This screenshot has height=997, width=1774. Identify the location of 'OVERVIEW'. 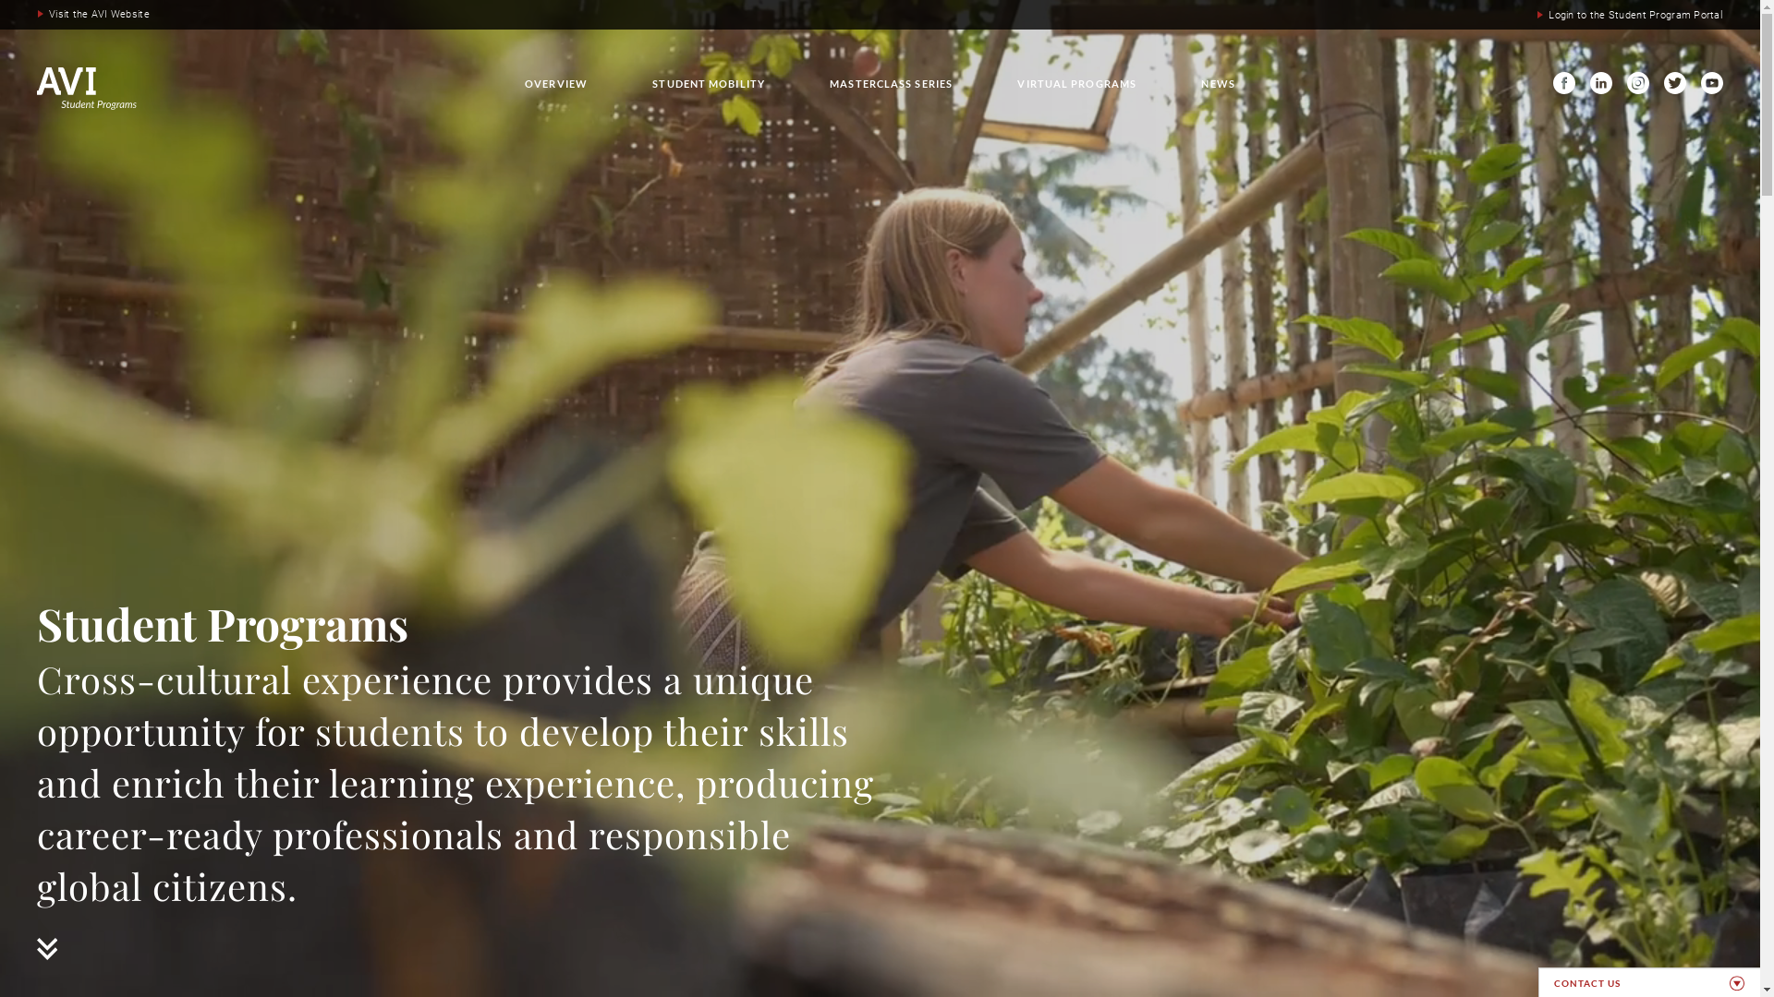
(554, 83).